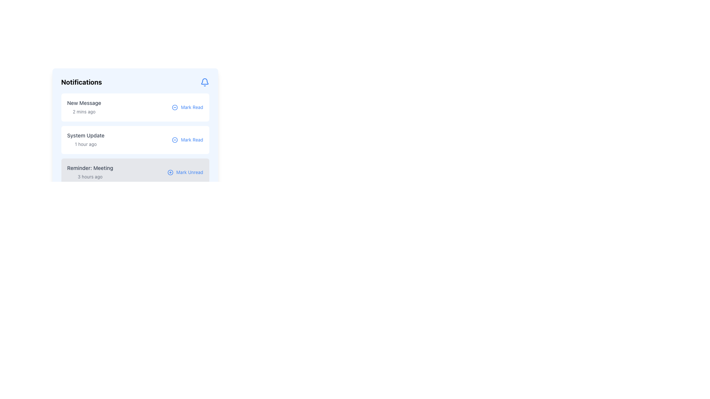 This screenshot has width=710, height=399. I want to click on text located at the bottom right corner of the 'System Update' notification block, which informs the user about the time when the event occurred, so click(86, 144).